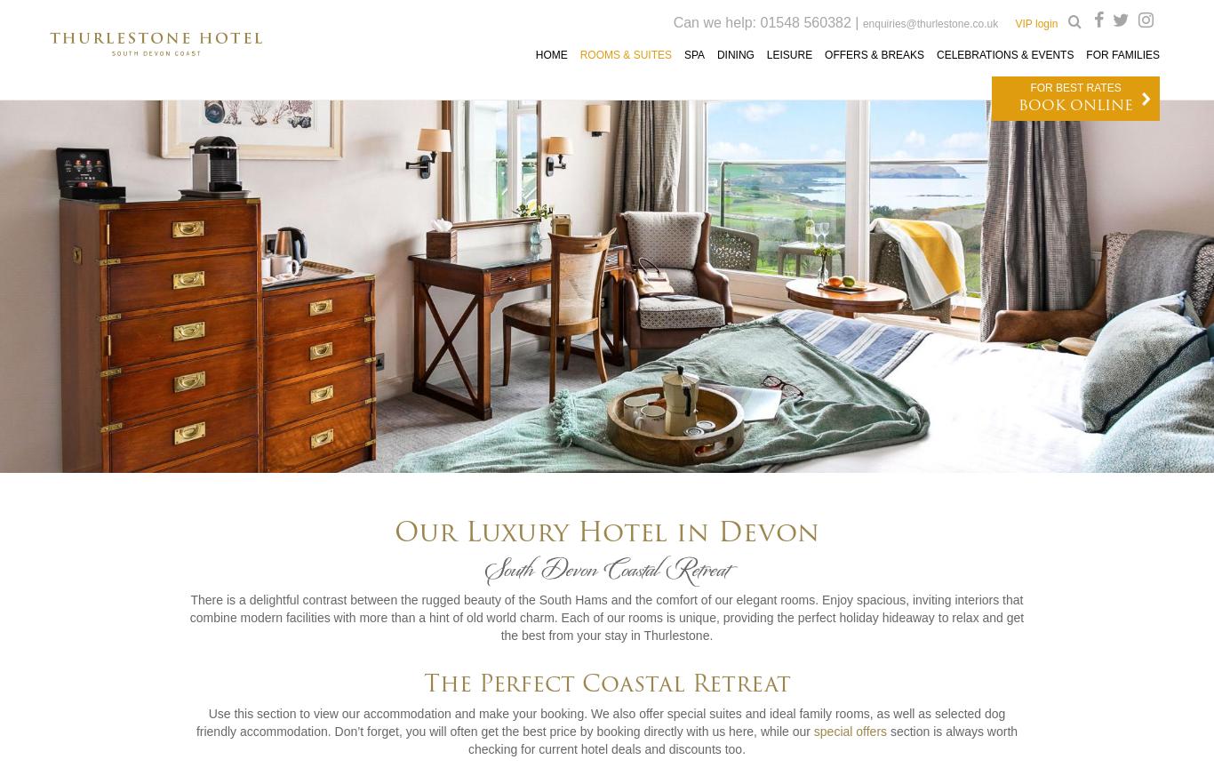  Describe the element at coordinates (605, 617) in the screenshot. I see `'There is a delightful contrast between the rugged beauty of the South Hams and the comfort of our elegant rooms. Enjoy spacious, inviting interiors that combine modern facilities with more than a hint of old world charm. Each of our rooms is unique, providing the perfect holiday hideaway to relax and get the best from your stay in Thurlestone.'` at that location.